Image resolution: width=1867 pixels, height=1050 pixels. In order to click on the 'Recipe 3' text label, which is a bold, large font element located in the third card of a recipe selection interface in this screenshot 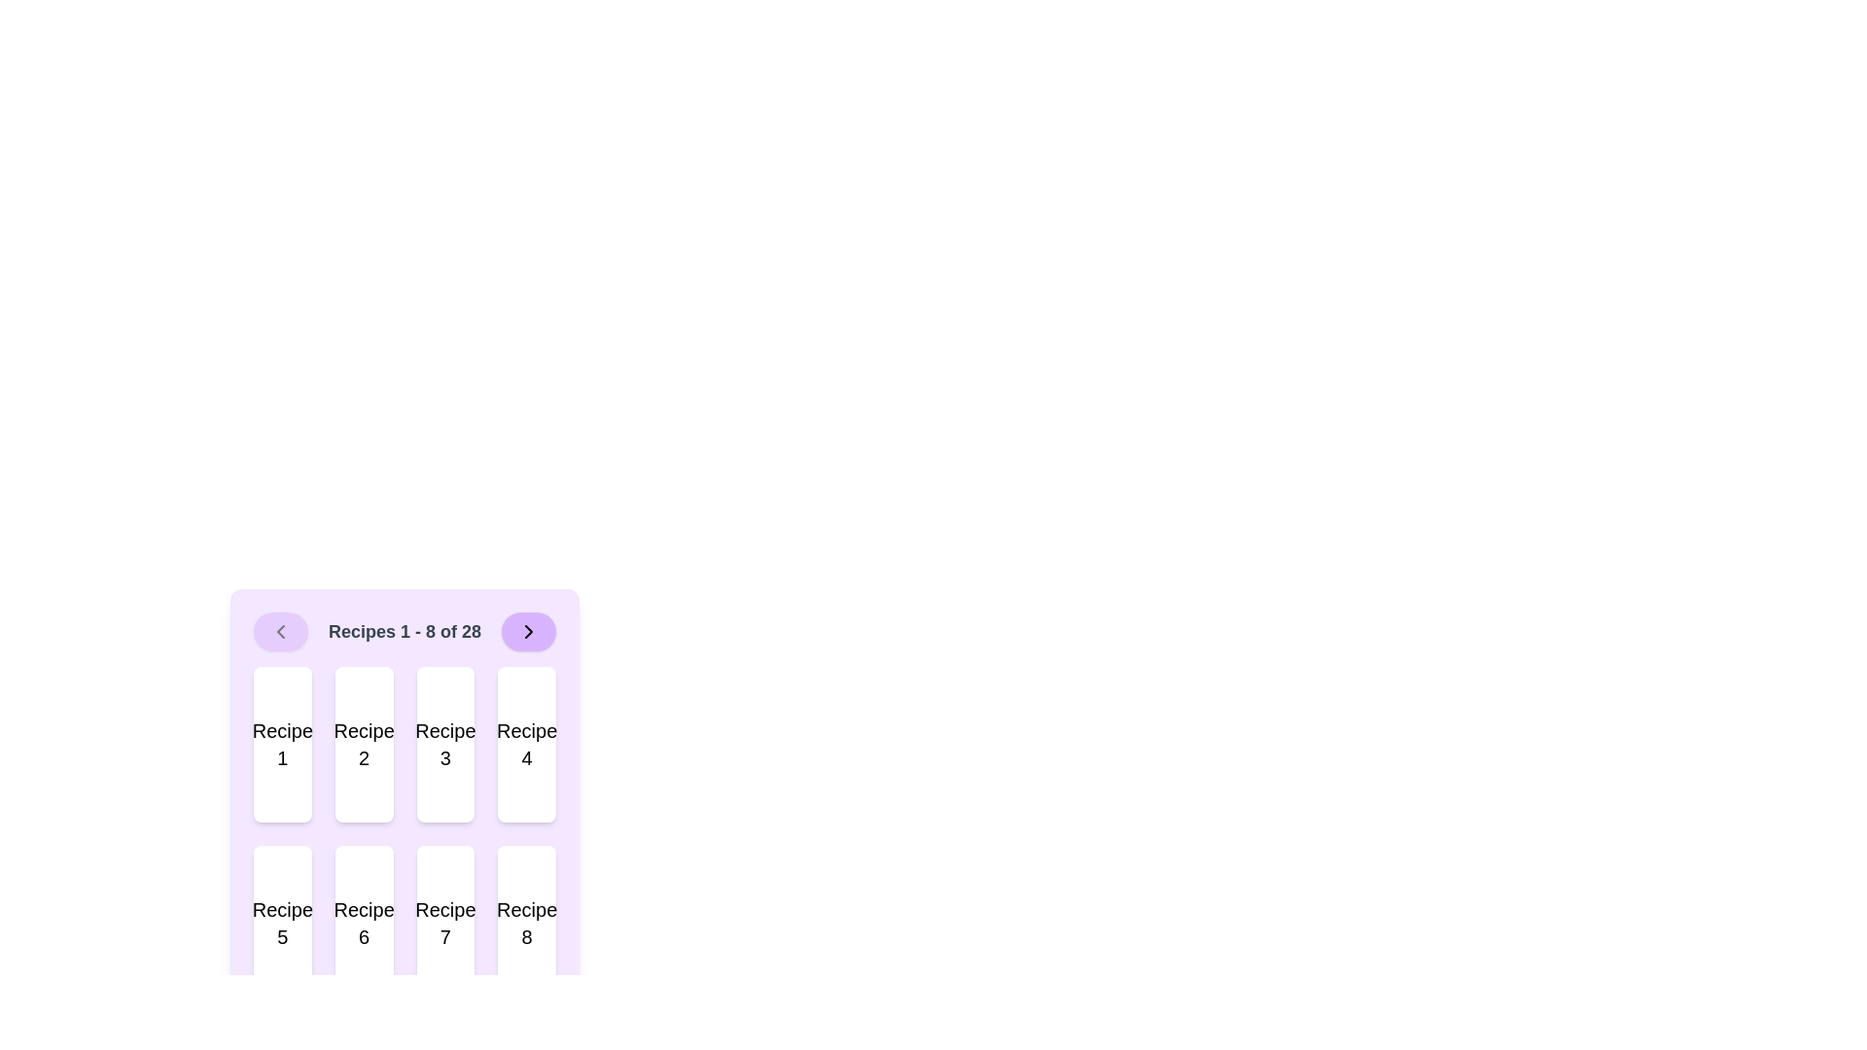, I will do `click(444, 744)`.